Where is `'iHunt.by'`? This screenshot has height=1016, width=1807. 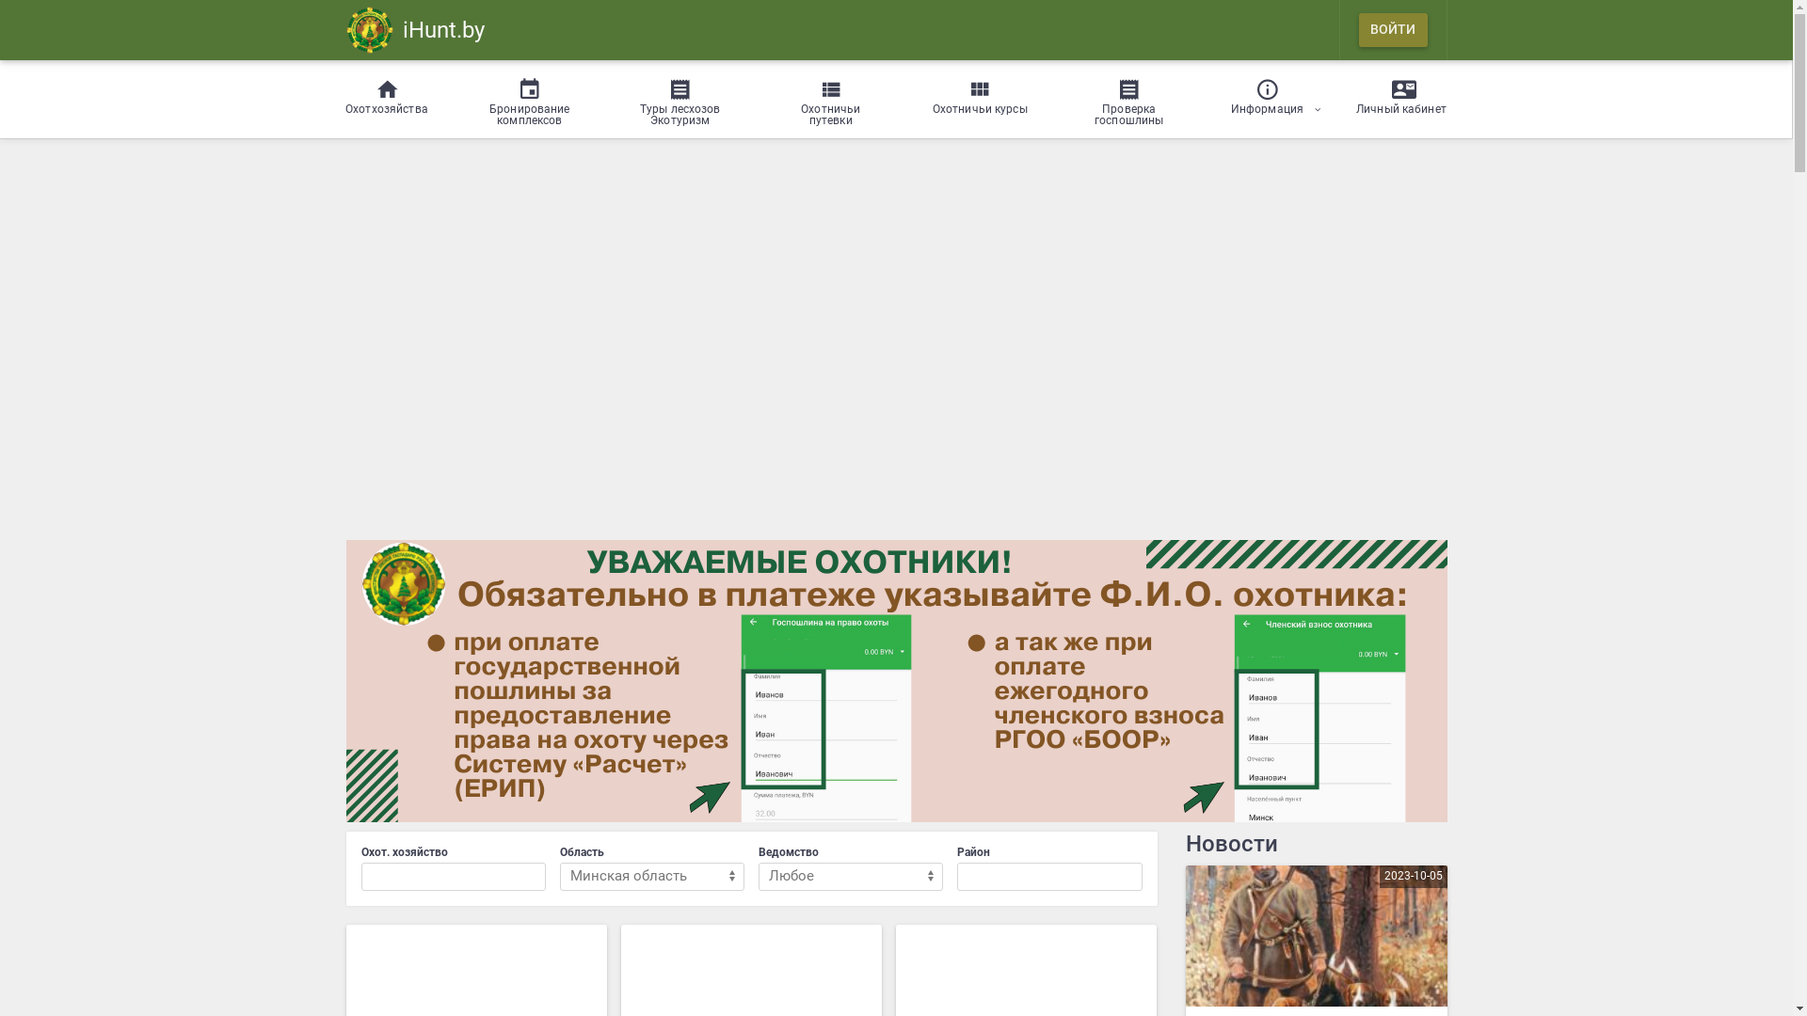 'iHunt.by' is located at coordinates (414, 29).